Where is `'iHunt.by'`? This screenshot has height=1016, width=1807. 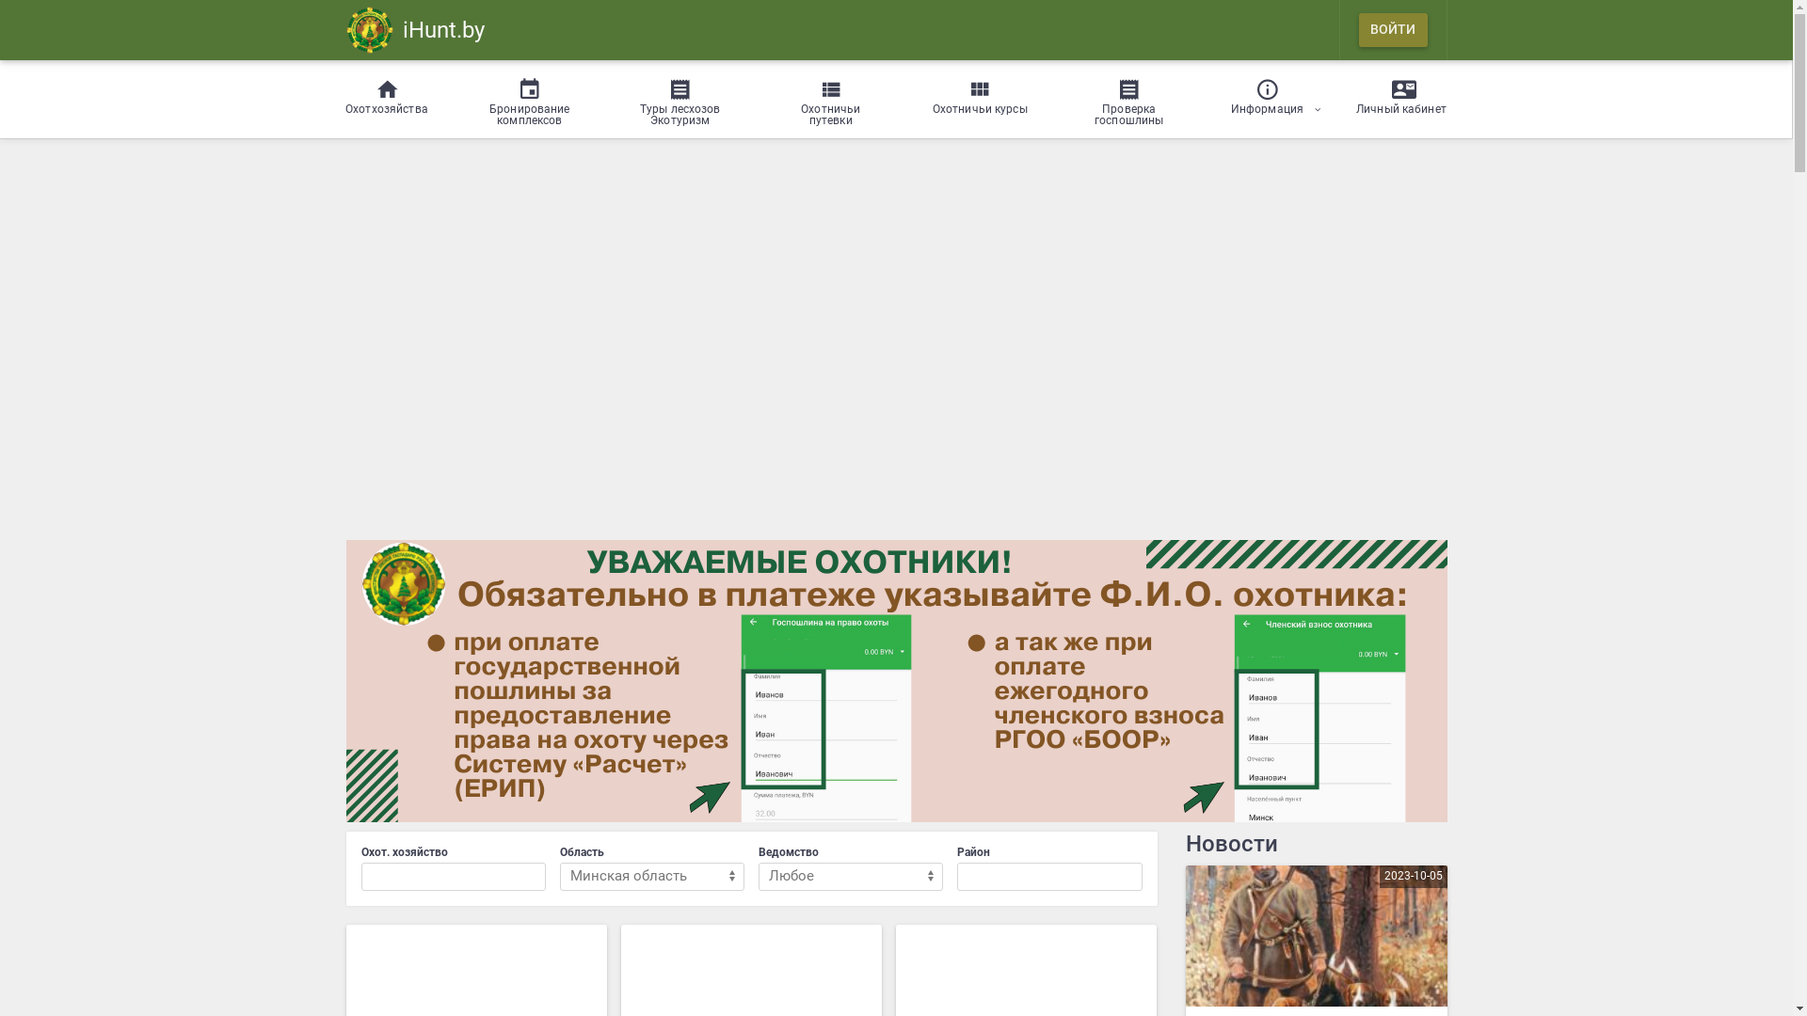 'iHunt.by' is located at coordinates (414, 29).